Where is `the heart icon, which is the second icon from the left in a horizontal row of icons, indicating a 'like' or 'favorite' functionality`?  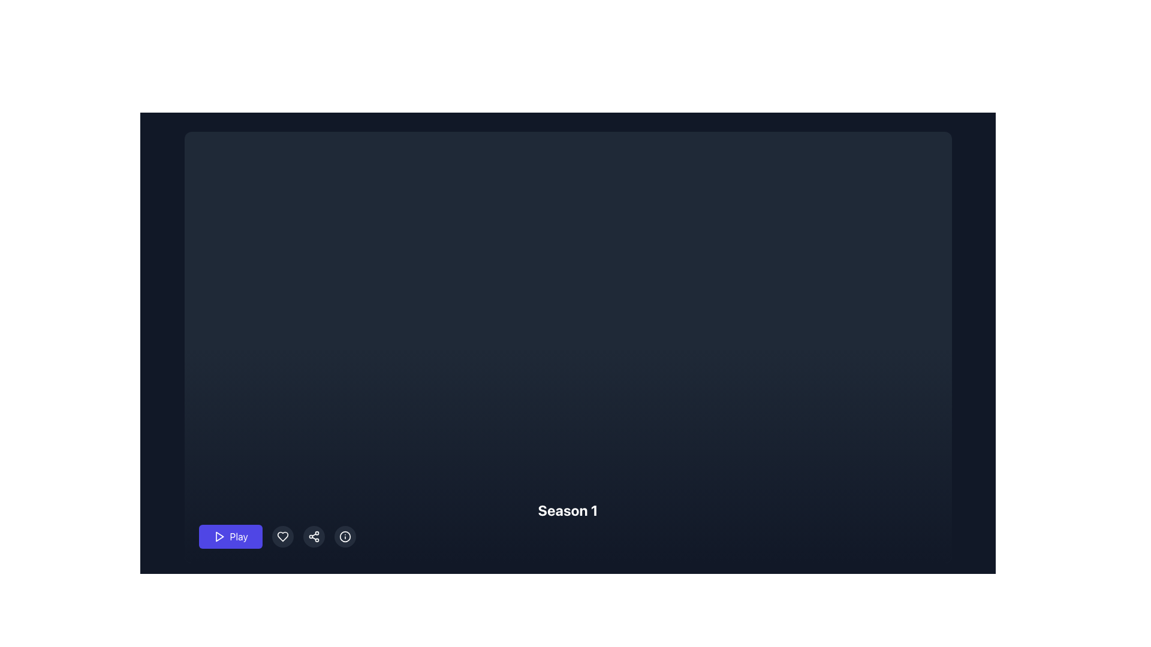
the heart icon, which is the second icon from the left in a horizontal row of icons, indicating a 'like' or 'favorite' functionality is located at coordinates (282, 536).